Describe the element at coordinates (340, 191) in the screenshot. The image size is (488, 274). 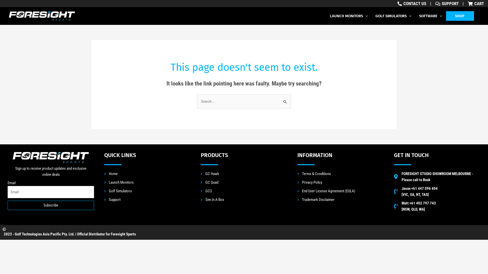
I see `'End User License Agreement (EULA)'` at that location.